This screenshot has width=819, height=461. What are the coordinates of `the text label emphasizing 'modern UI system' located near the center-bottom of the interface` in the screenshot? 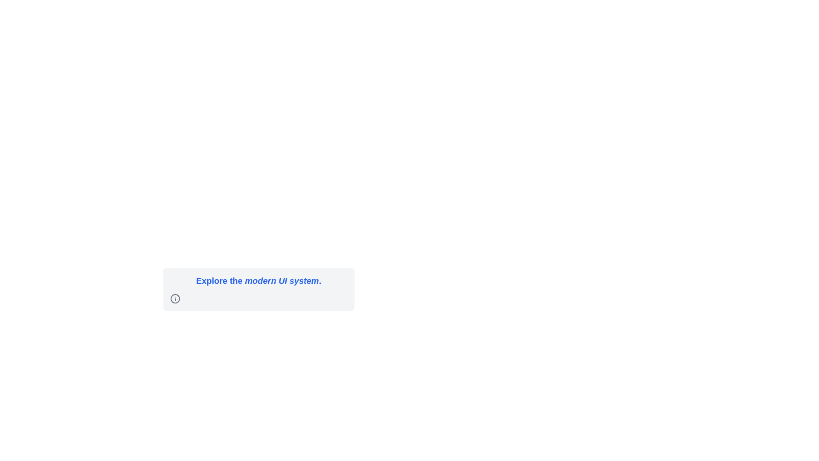 It's located at (282, 281).